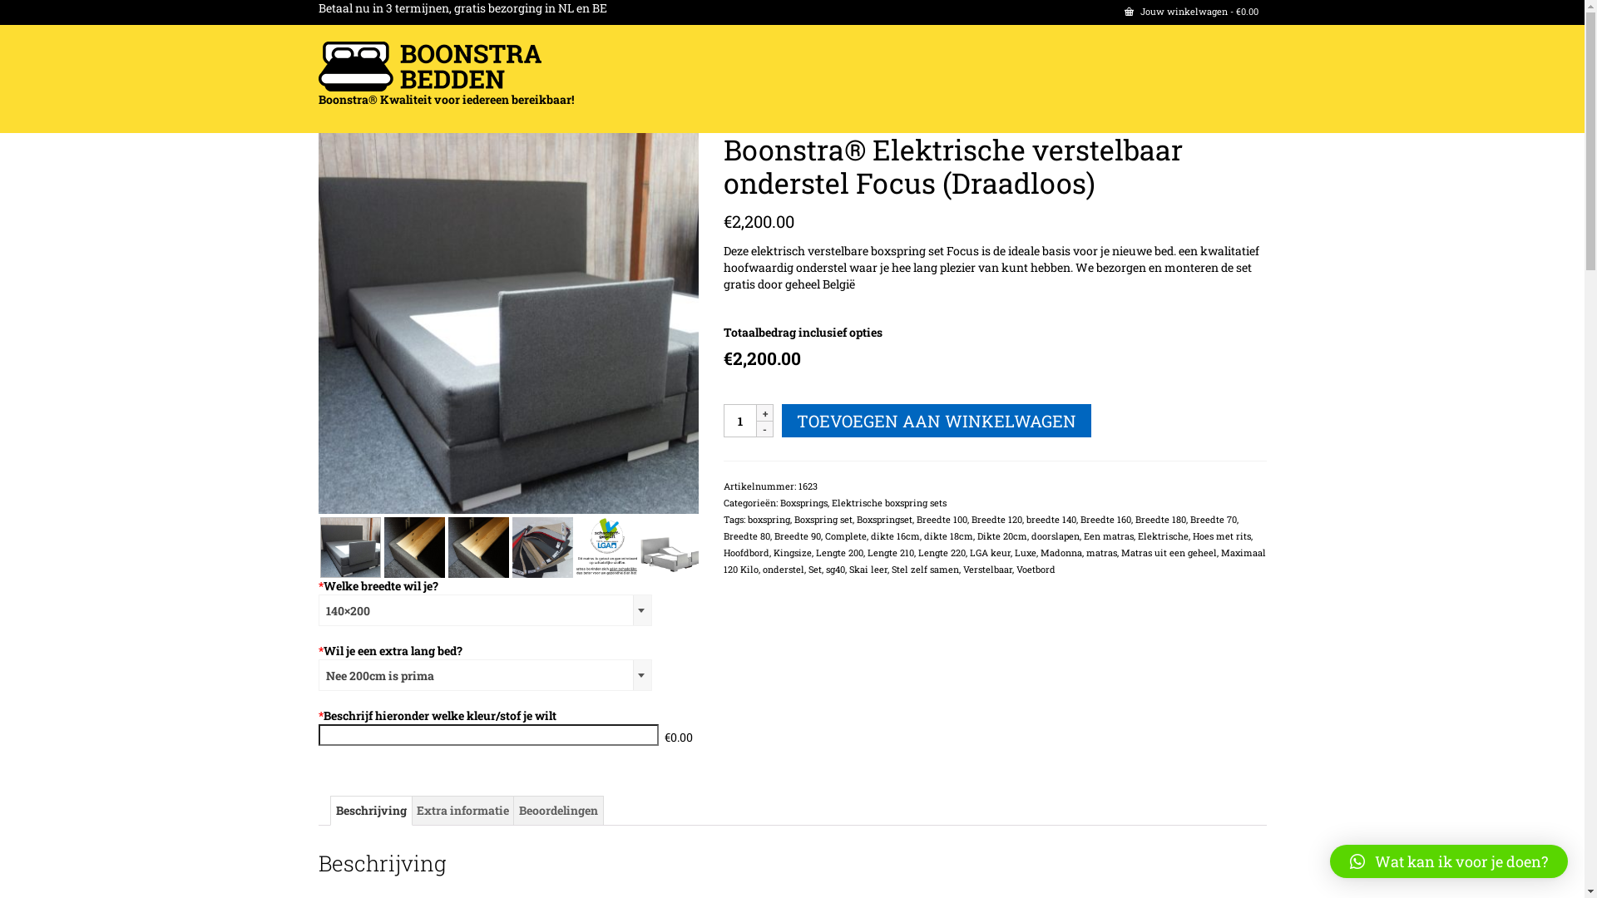 The image size is (1597, 898). What do you see at coordinates (745, 552) in the screenshot?
I see `'Hoofdbord'` at bounding box center [745, 552].